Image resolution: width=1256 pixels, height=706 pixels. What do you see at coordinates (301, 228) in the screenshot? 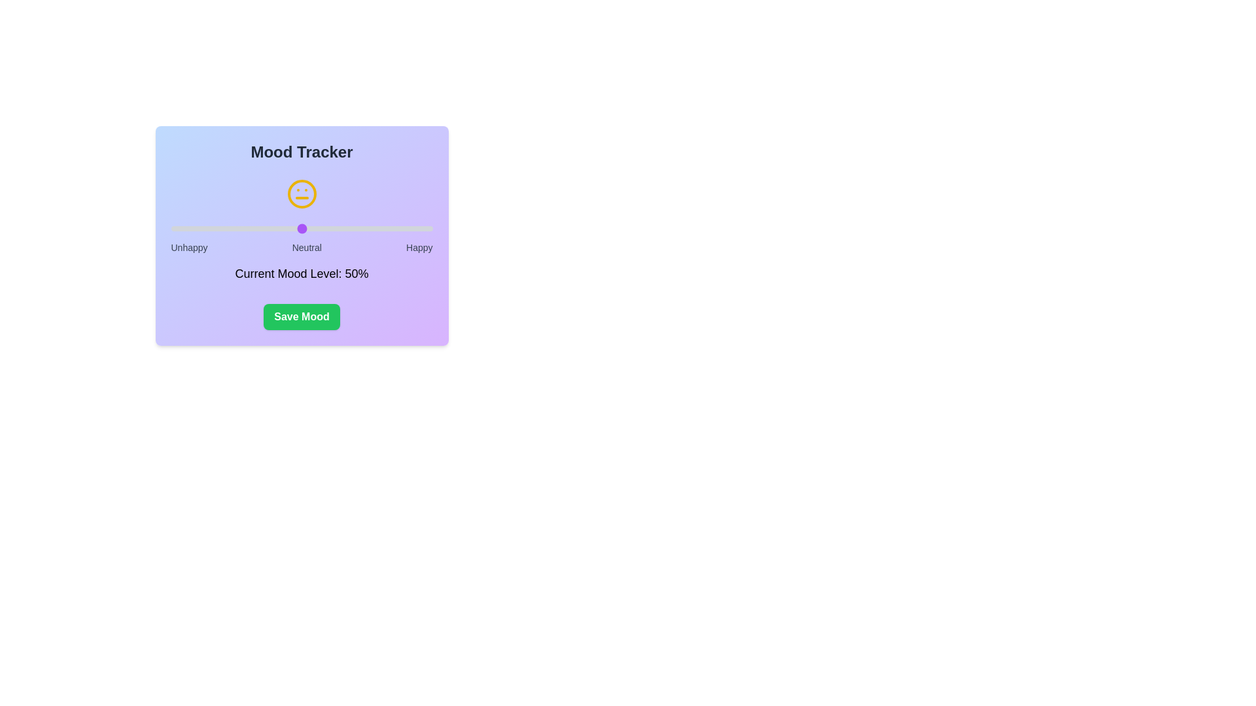
I see `the mood level to 50% using the slider` at bounding box center [301, 228].